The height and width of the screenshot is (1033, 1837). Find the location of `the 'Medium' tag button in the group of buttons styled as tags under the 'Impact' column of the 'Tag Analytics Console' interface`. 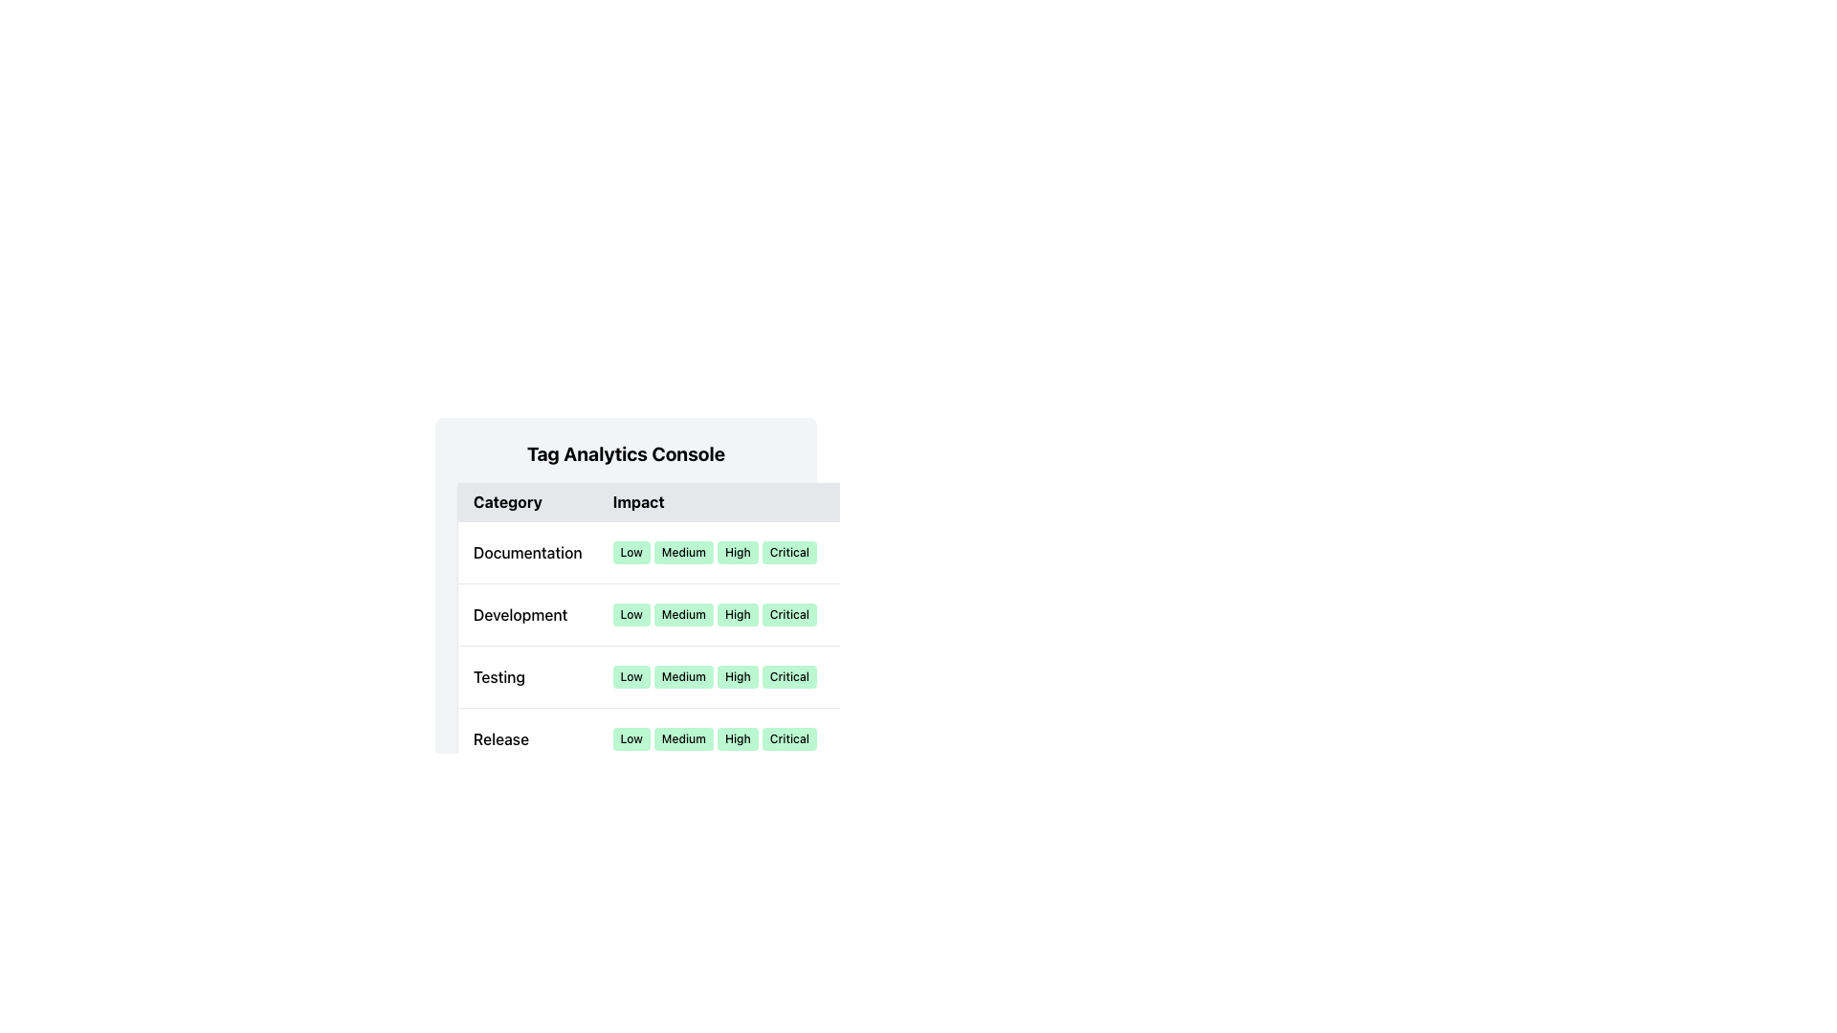

the 'Medium' tag button in the group of buttons styled as tags under the 'Impact' column of the 'Tag Analytics Console' interface is located at coordinates (714, 615).